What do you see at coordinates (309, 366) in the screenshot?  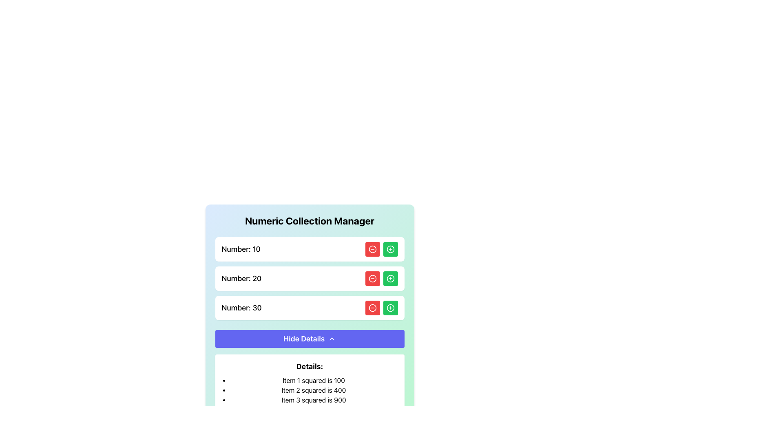 I see `bold text label 'Details:' located at the top of a white box with rounded corners, positioned above a bulleted list of items` at bounding box center [309, 366].